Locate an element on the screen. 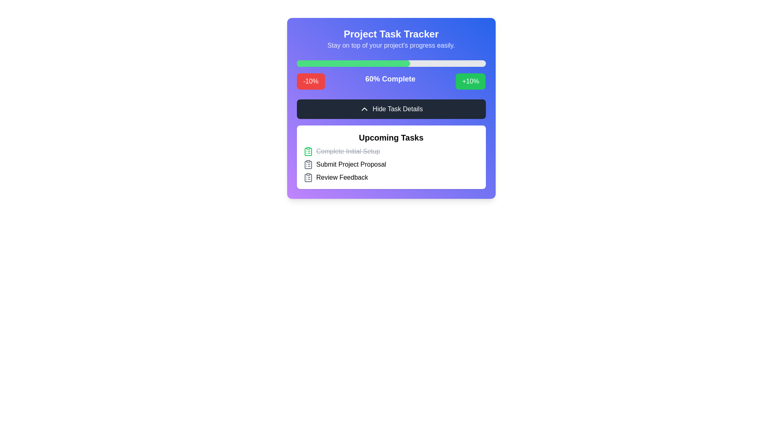 Image resolution: width=782 pixels, height=440 pixels. header text 'Upcoming Tasks' to understand the context of the section, which is a significant section header styled in bold and larger font, located at the top of a white box with rounded corners is located at coordinates (391, 137).